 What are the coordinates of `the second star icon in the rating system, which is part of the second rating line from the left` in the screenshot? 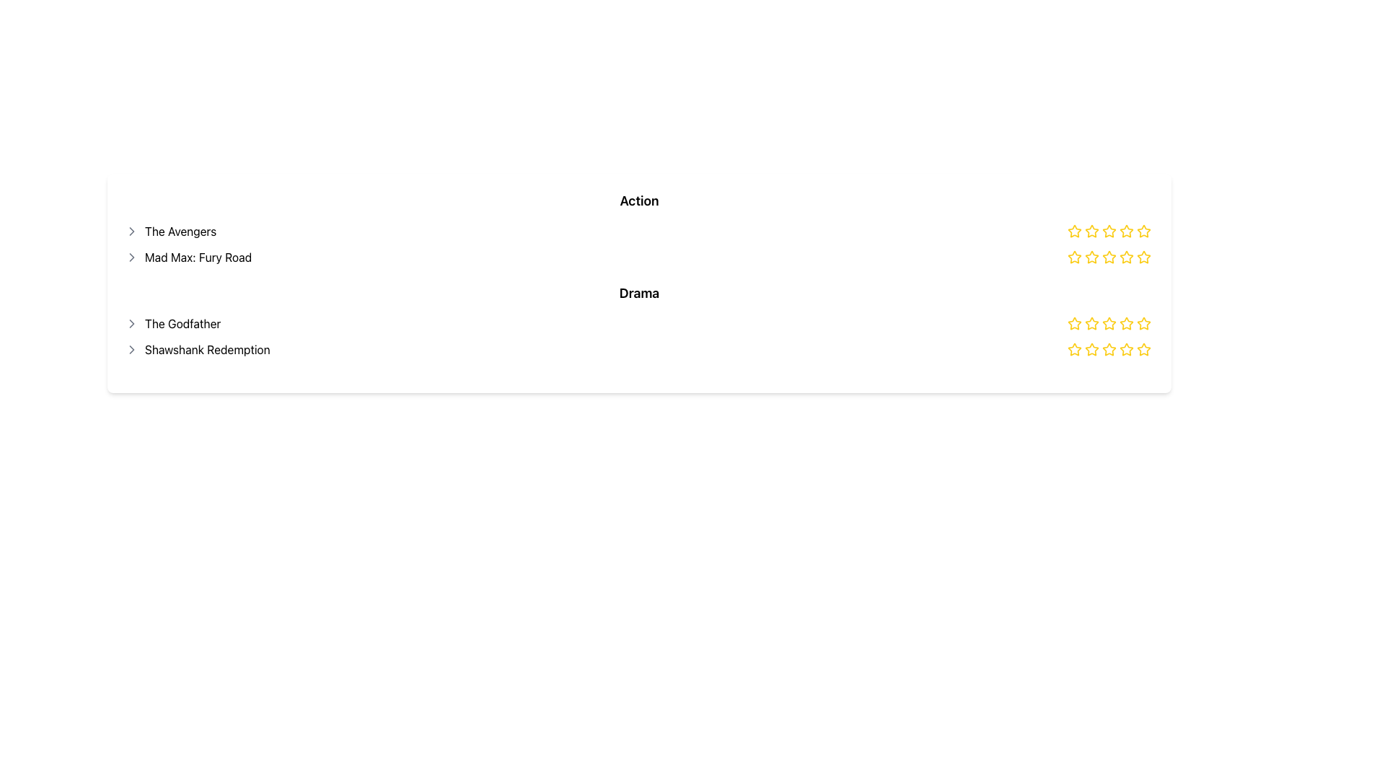 It's located at (1108, 230).